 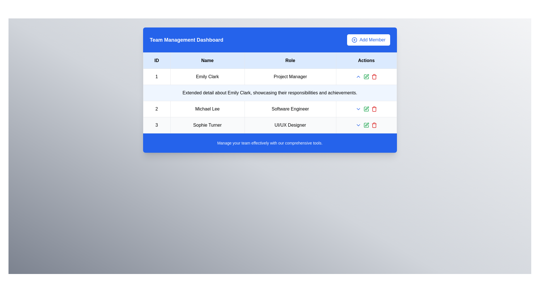 I want to click on the table header cell with the bold black text 'ID' and a light blue background, which is the leftmost cell in the header row of the table, so click(x=157, y=60).